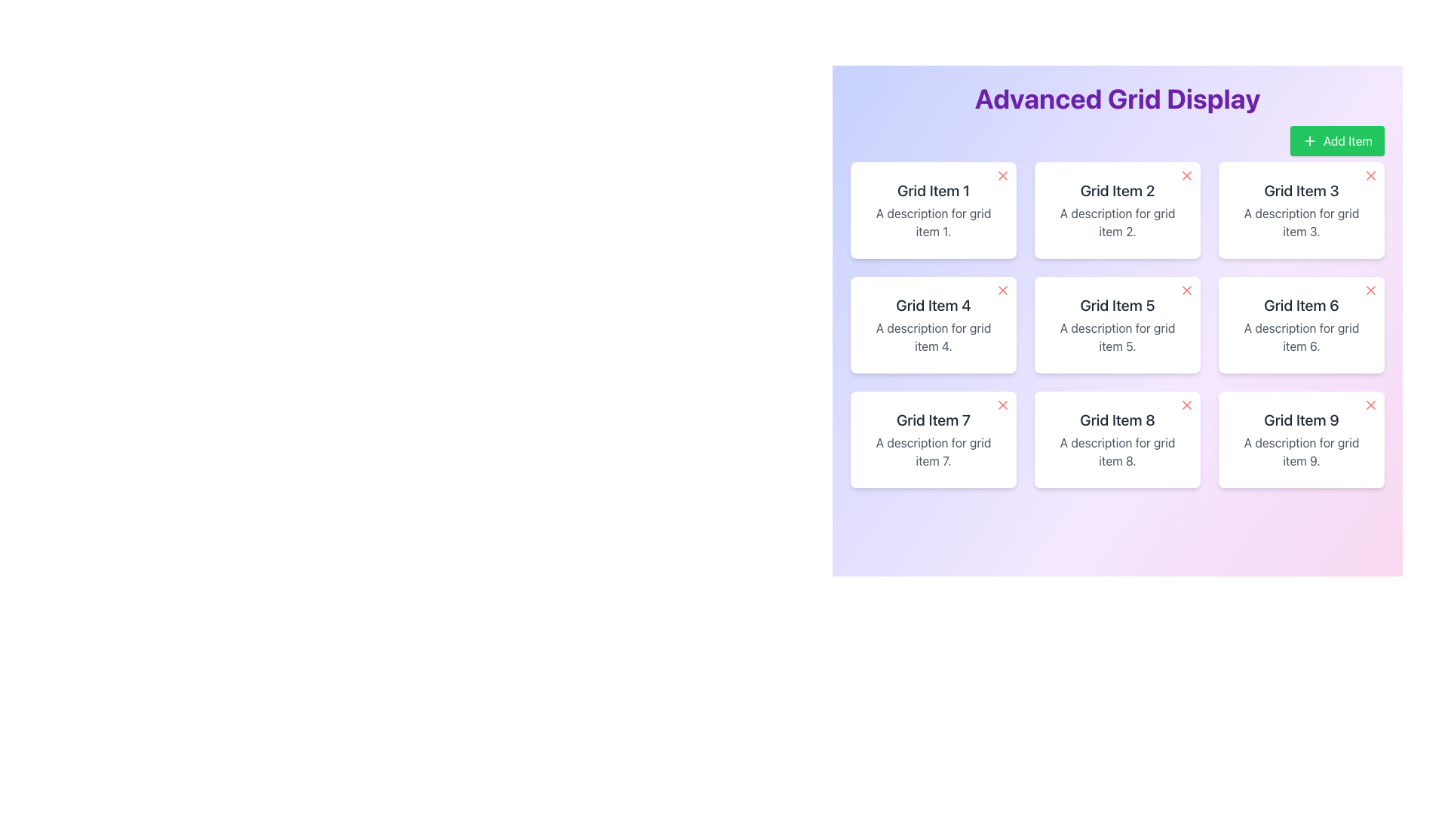 The image size is (1448, 815). I want to click on the decorative icon within the 'Add Item' button located at the upper-right corner of the interface, so click(1309, 140).